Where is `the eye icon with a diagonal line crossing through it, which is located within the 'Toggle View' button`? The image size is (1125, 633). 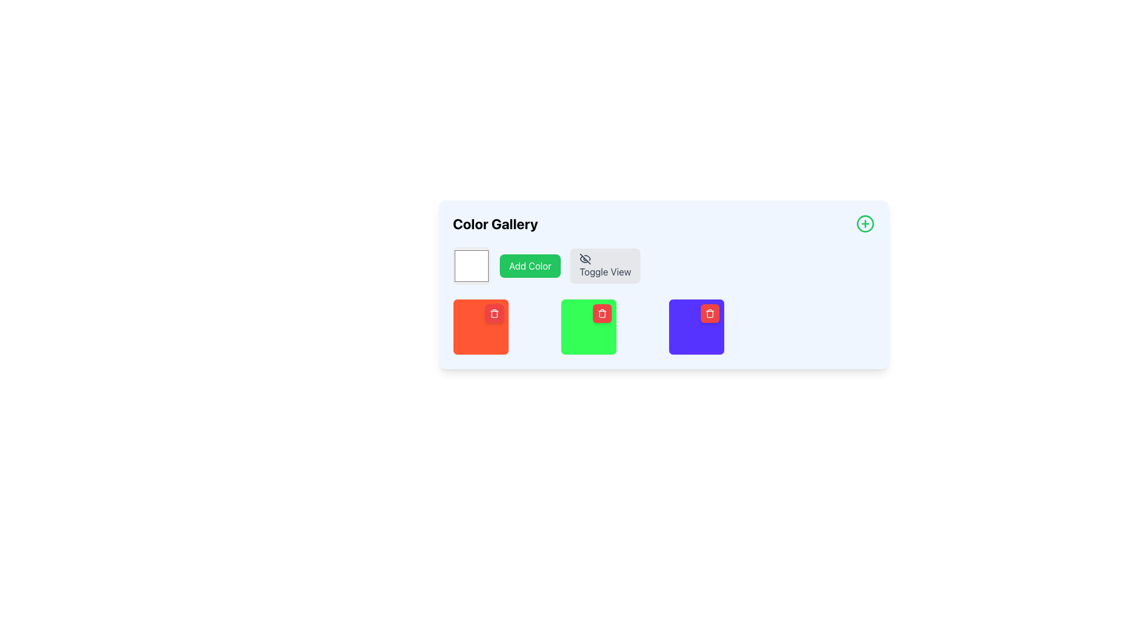 the eye icon with a diagonal line crossing through it, which is located within the 'Toggle View' button is located at coordinates (585, 258).